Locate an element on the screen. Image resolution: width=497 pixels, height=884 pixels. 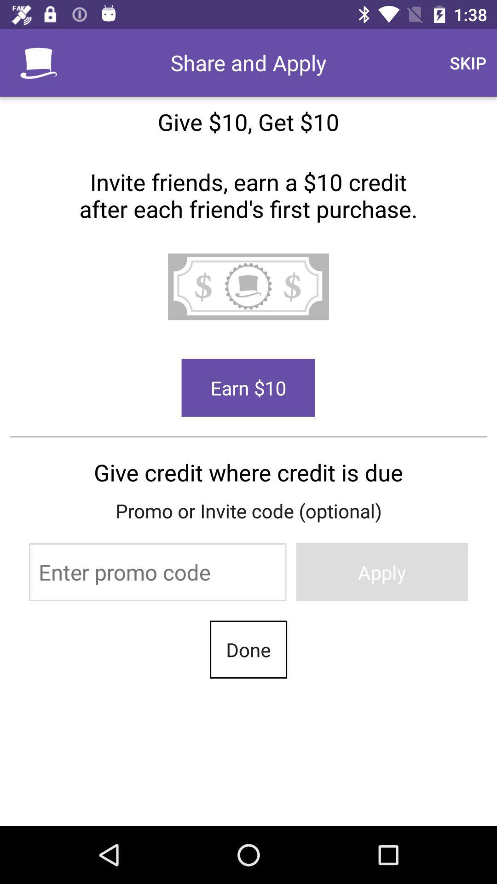
promo code field is located at coordinates (157, 571).